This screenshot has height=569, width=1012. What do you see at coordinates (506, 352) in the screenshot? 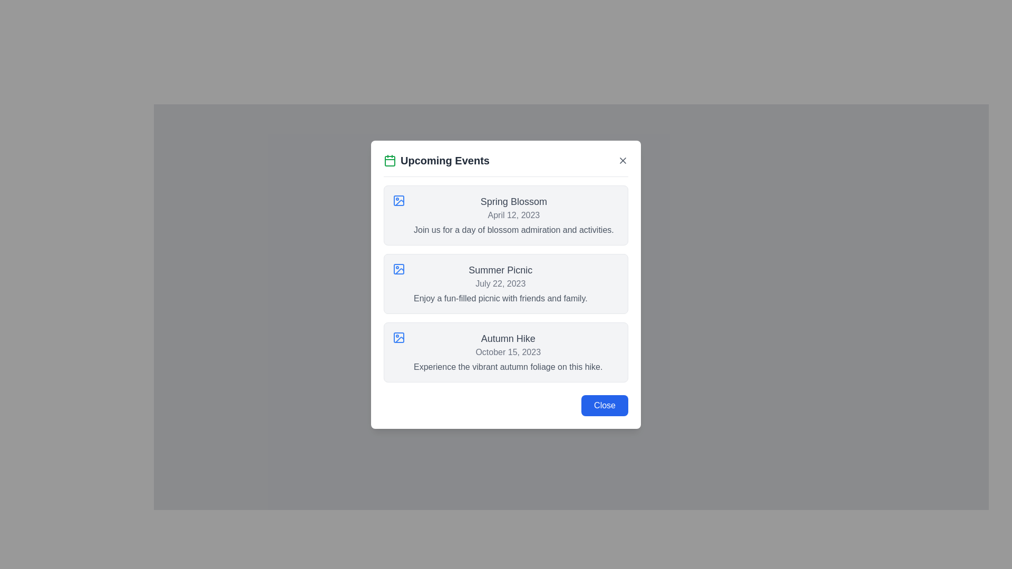
I see `the 'Autumn Hike' informational card, which is the third card in a vertical stack of event cards` at bounding box center [506, 352].